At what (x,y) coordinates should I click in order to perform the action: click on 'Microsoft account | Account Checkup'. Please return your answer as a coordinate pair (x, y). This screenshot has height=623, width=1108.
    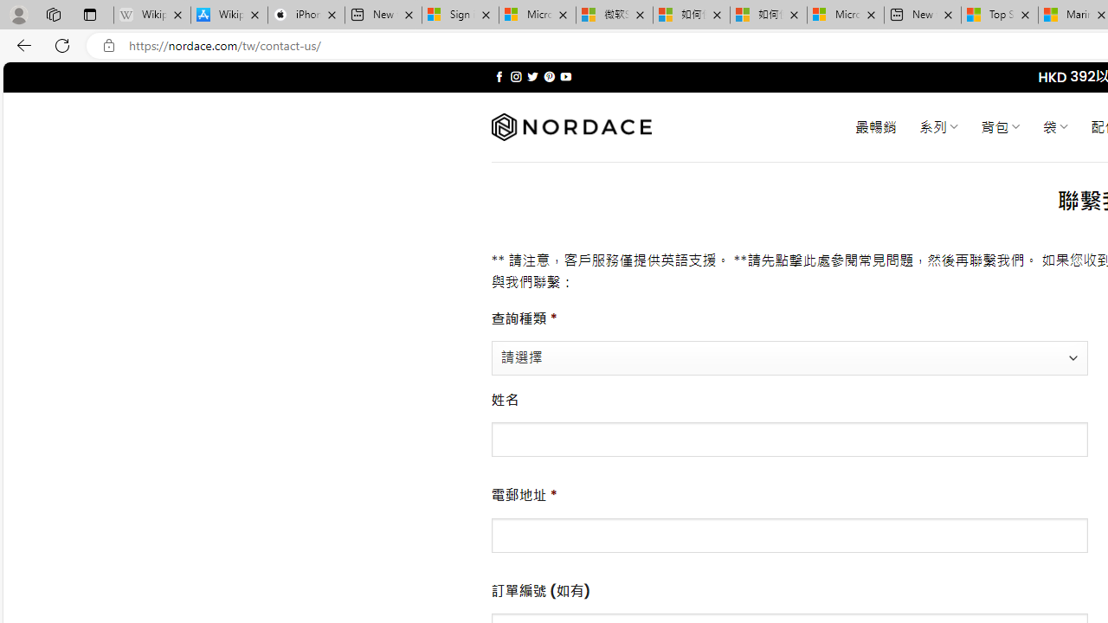
    Looking at the image, I should click on (846, 15).